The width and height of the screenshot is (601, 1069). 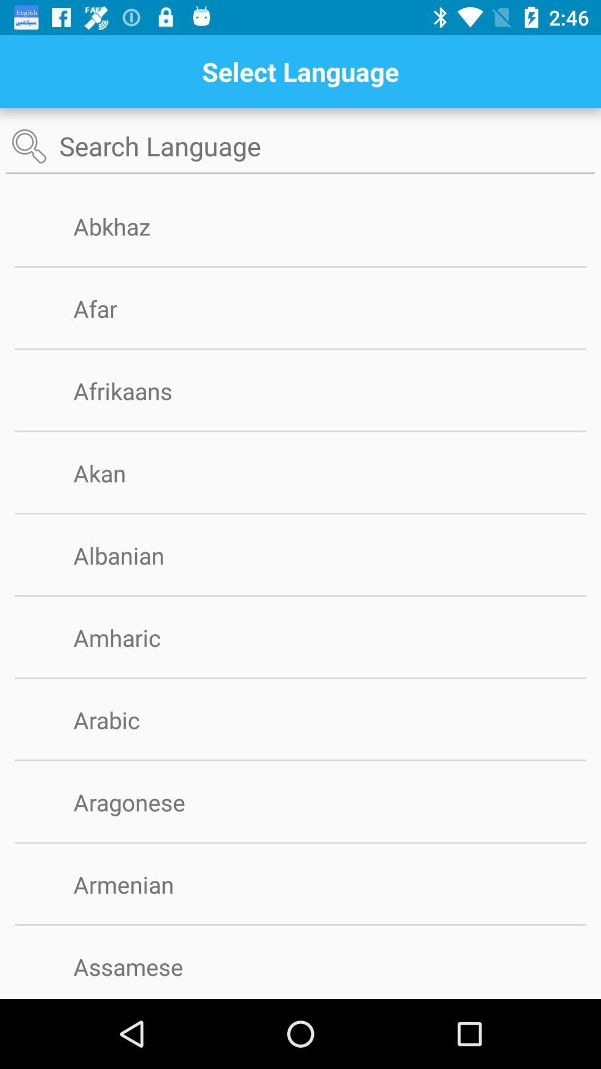 What do you see at coordinates (147, 802) in the screenshot?
I see `aragonese` at bounding box center [147, 802].